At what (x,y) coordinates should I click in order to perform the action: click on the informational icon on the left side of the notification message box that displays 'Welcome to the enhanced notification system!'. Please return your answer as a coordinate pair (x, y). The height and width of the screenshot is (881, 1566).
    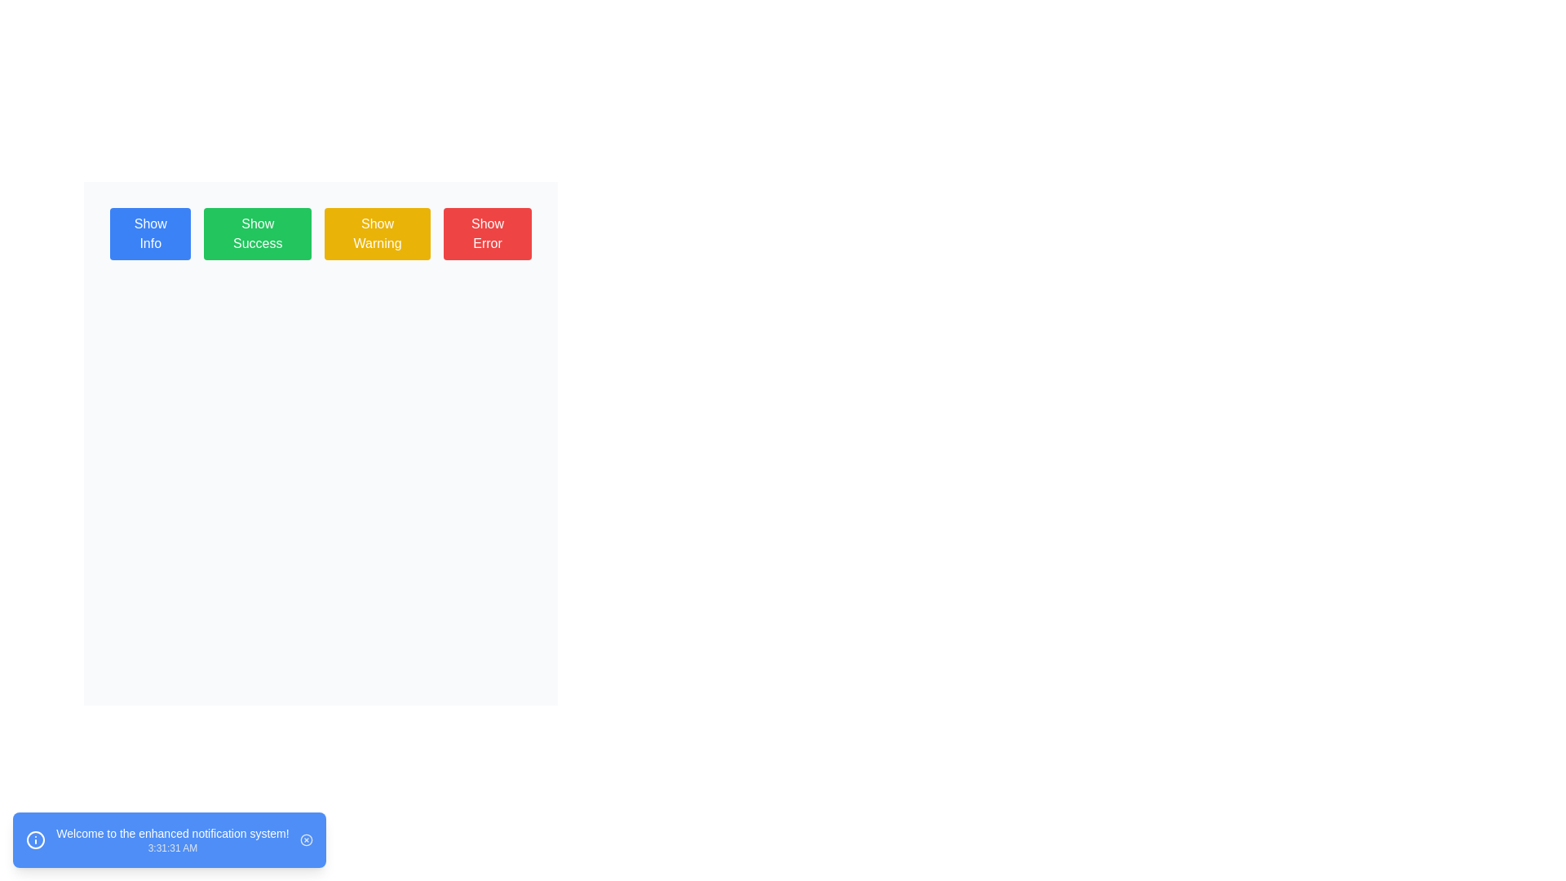
    Looking at the image, I should click on (35, 839).